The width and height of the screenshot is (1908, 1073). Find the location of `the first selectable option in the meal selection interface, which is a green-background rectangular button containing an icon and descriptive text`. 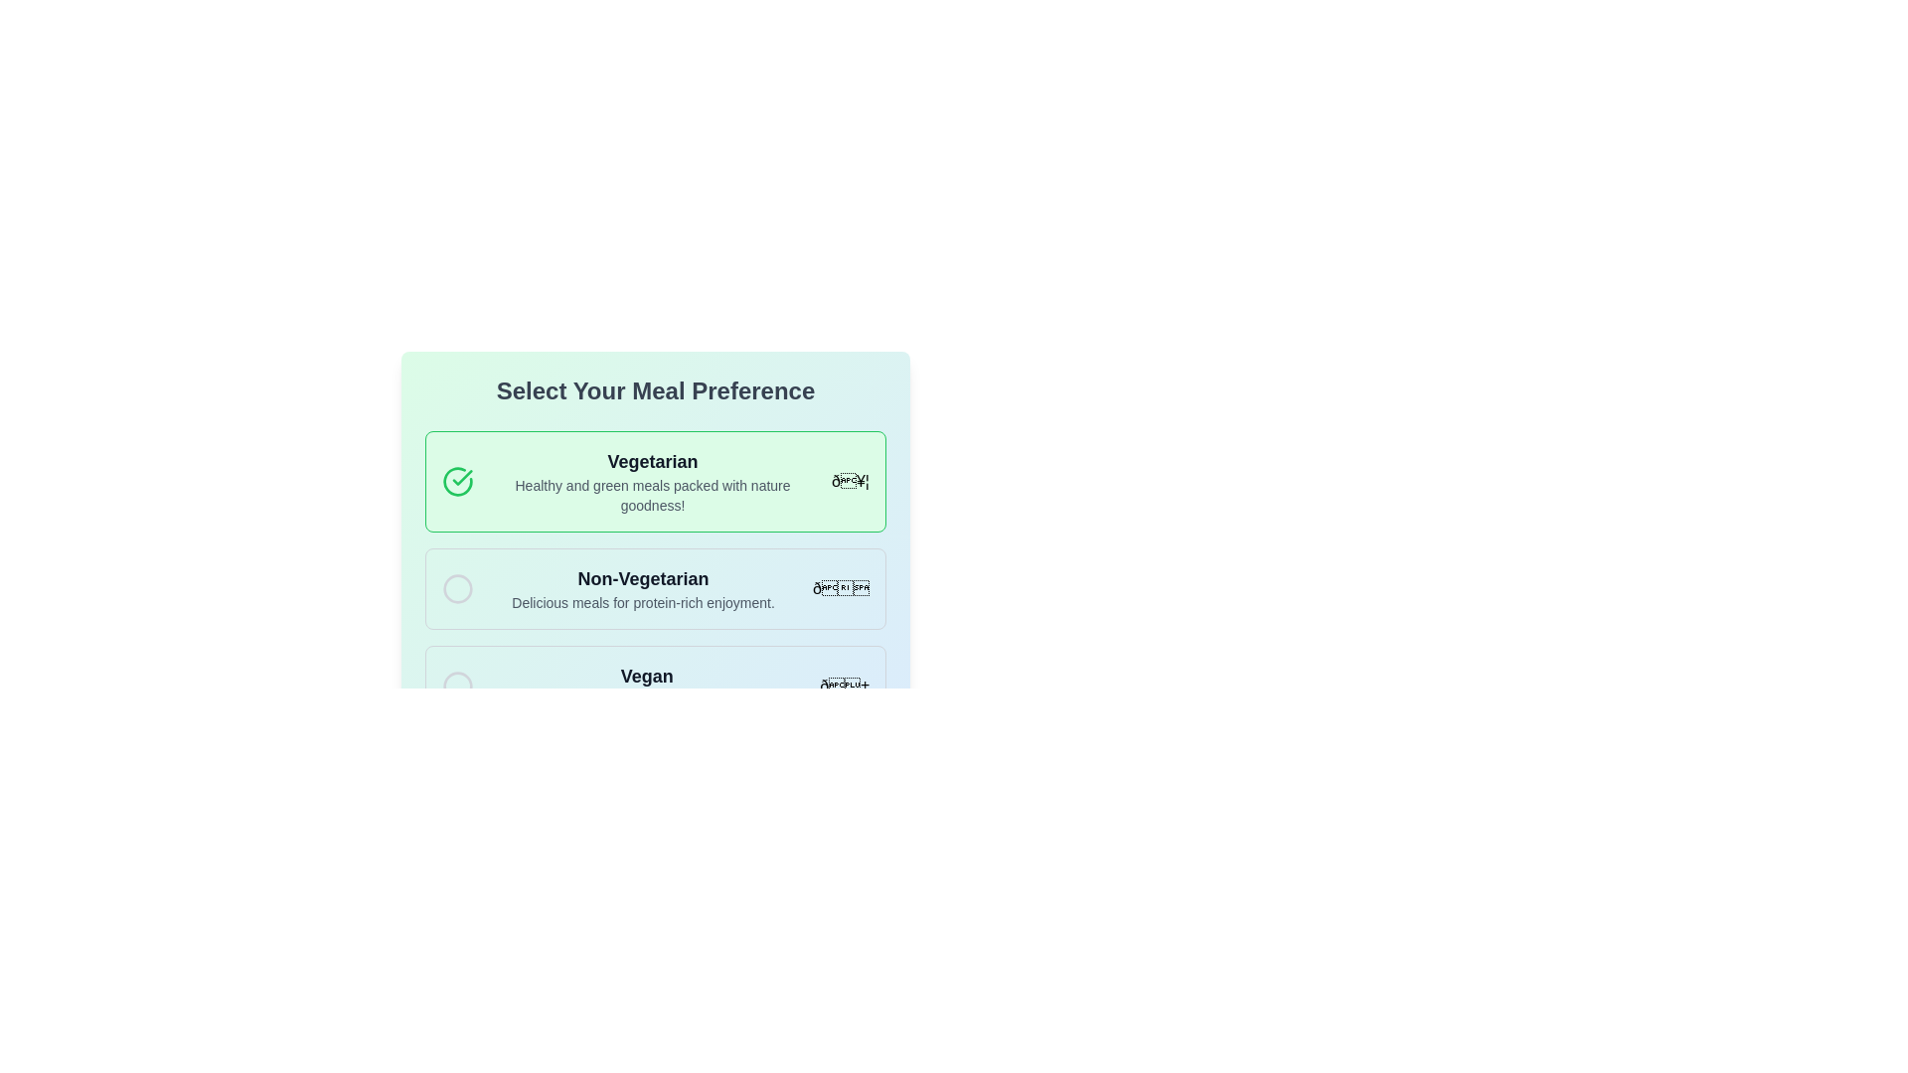

the first selectable option in the meal selection interface, which is a green-background rectangular button containing an icon and descriptive text is located at coordinates (656, 507).